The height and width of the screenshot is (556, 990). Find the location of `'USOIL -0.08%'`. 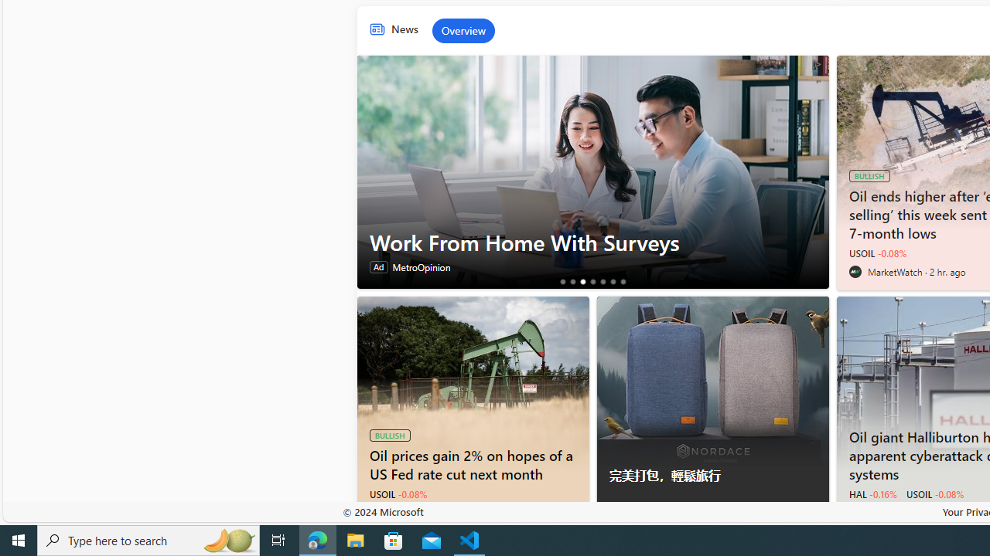

'USOIL -0.08%' is located at coordinates (934, 494).